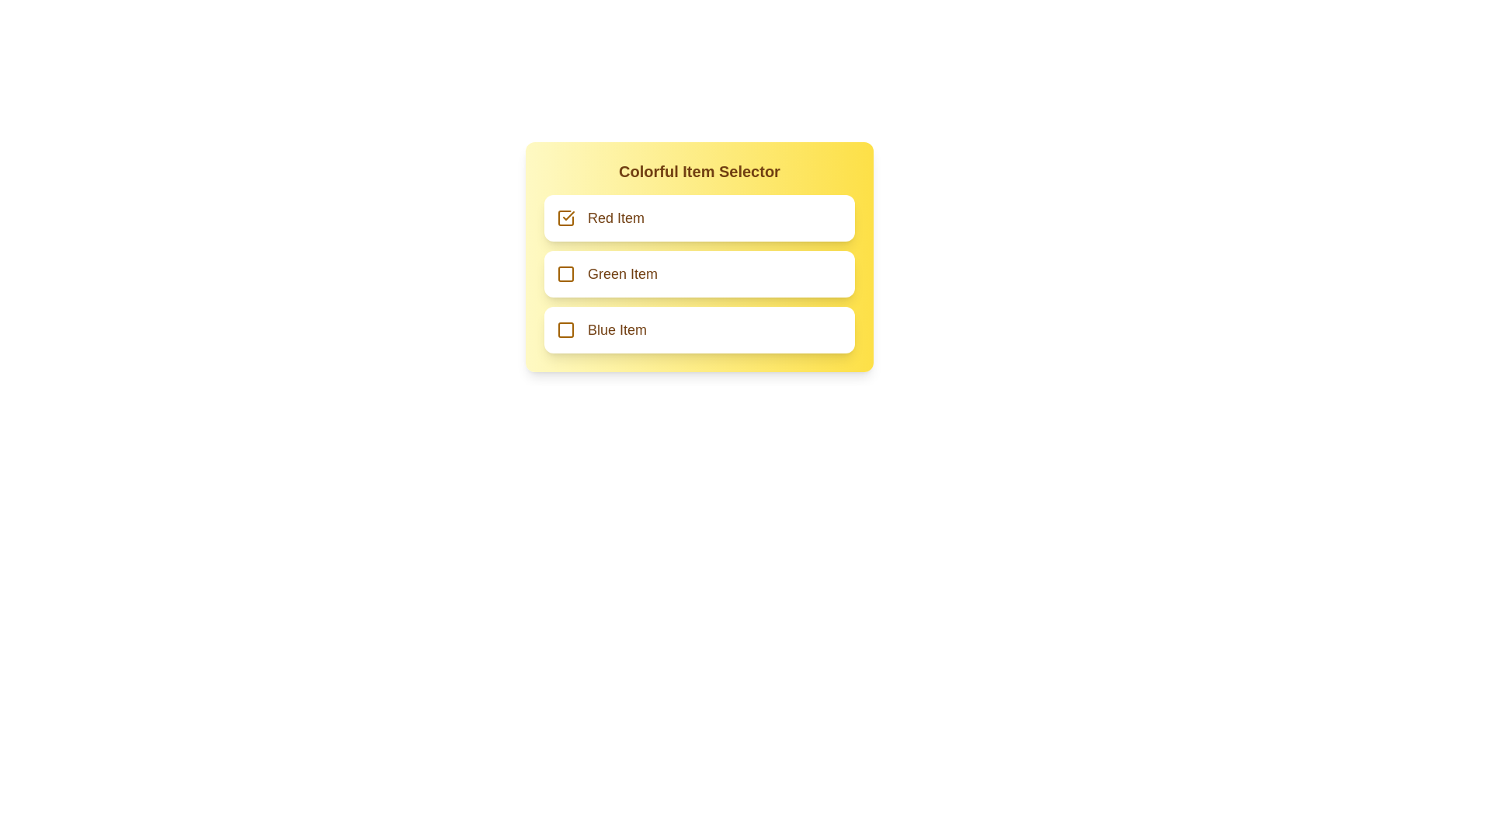 The image size is (1491, 839). Describe the element at coordinates (565, 218) in the screenshot. I see `the checkbox for the 'Red Item' to toggle its state` at that location.